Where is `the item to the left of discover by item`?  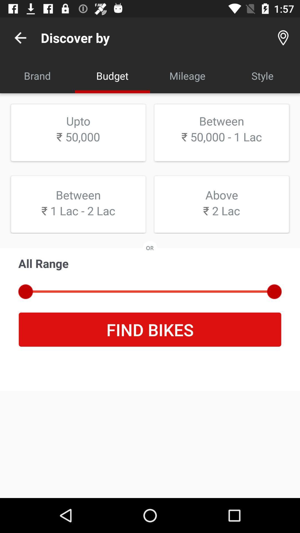 the item to the left of discover by item is located at coordinates (20, 37).